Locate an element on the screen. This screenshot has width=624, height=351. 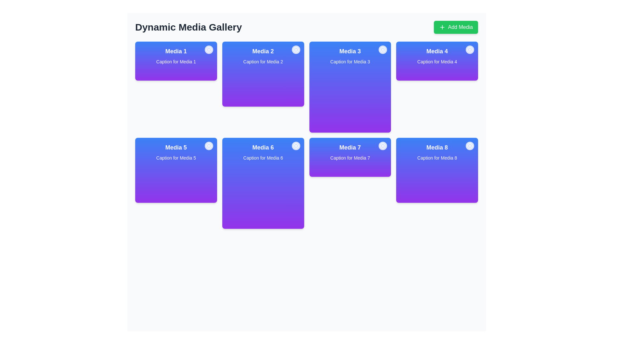
the circular button icon with a cross symbol located in the top-right corner of the Media 3 card to observe its visual changes is located at coordinates (383, 50).